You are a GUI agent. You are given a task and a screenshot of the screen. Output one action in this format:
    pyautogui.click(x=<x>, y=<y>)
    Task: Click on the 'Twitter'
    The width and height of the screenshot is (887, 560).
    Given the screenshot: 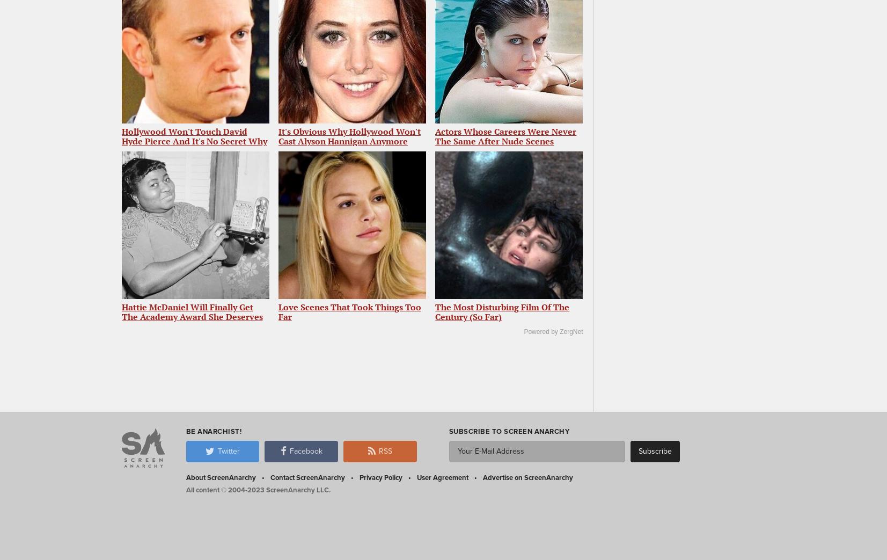 What is the action you would take?
    pyautogui.click(x=228, y=450)
    